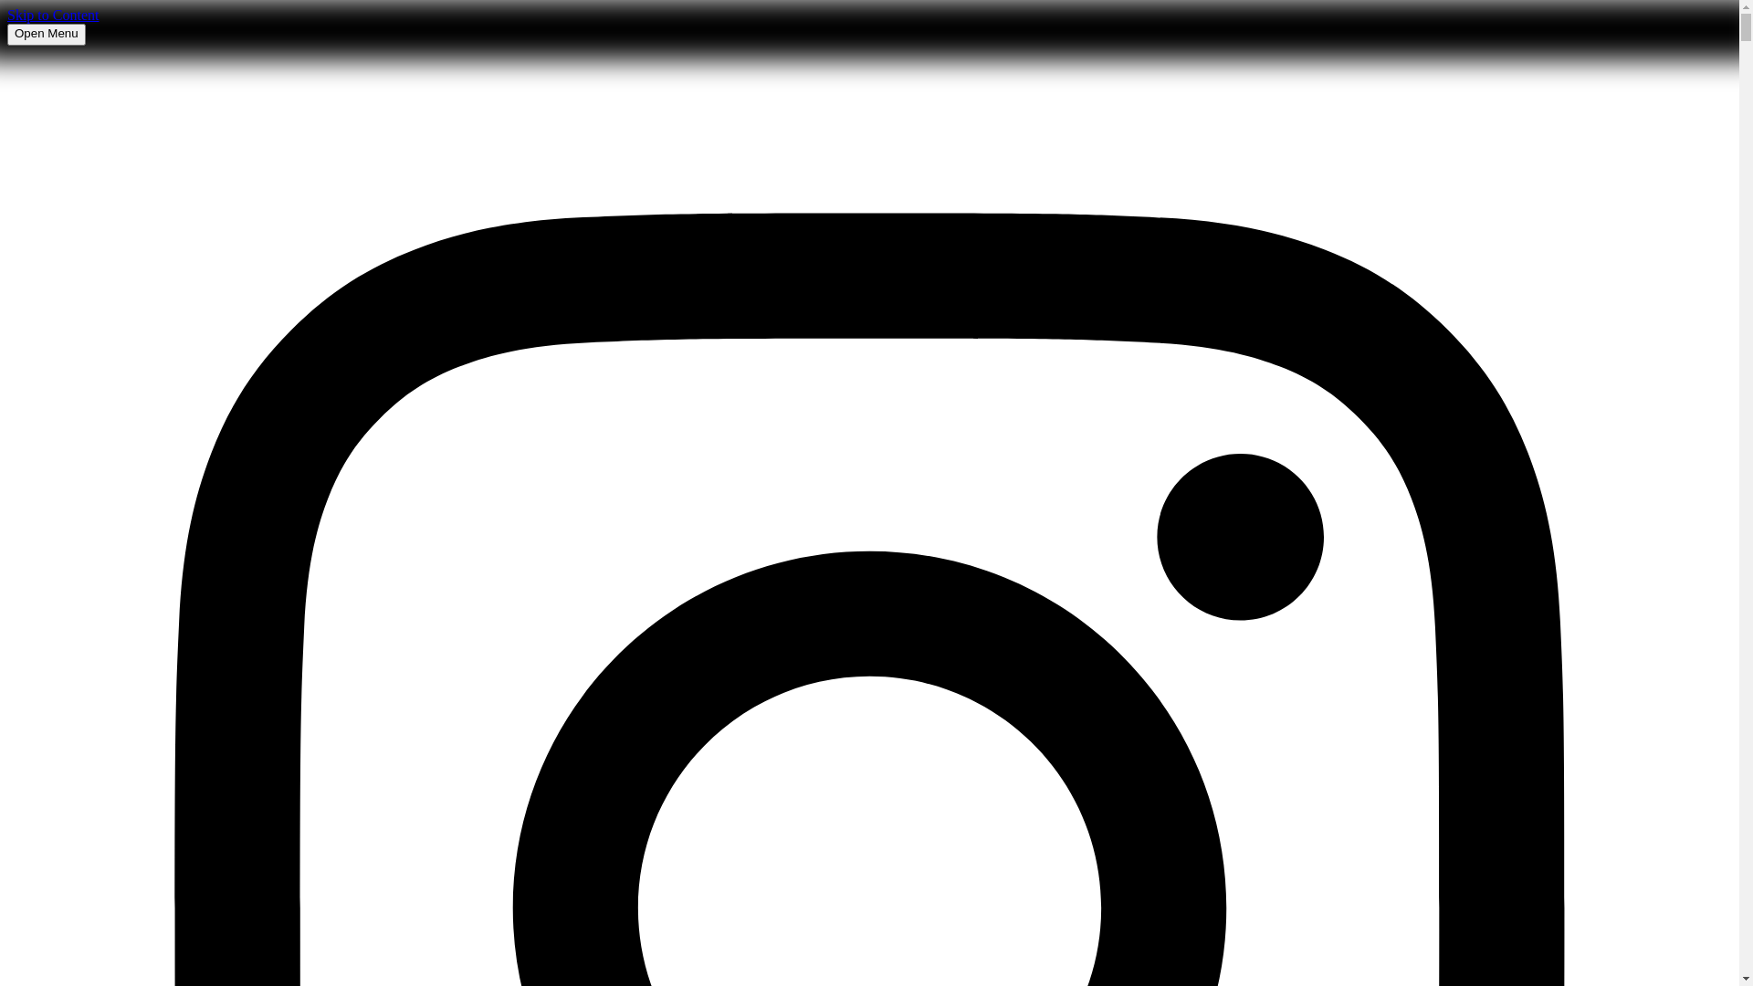 Image resolution: width=1753 pixels, height=986 pixels. What do you see at coordinates (52, 15) in the screenshot?
I see `'Skip to Content'` at bounding box center [52, 15].